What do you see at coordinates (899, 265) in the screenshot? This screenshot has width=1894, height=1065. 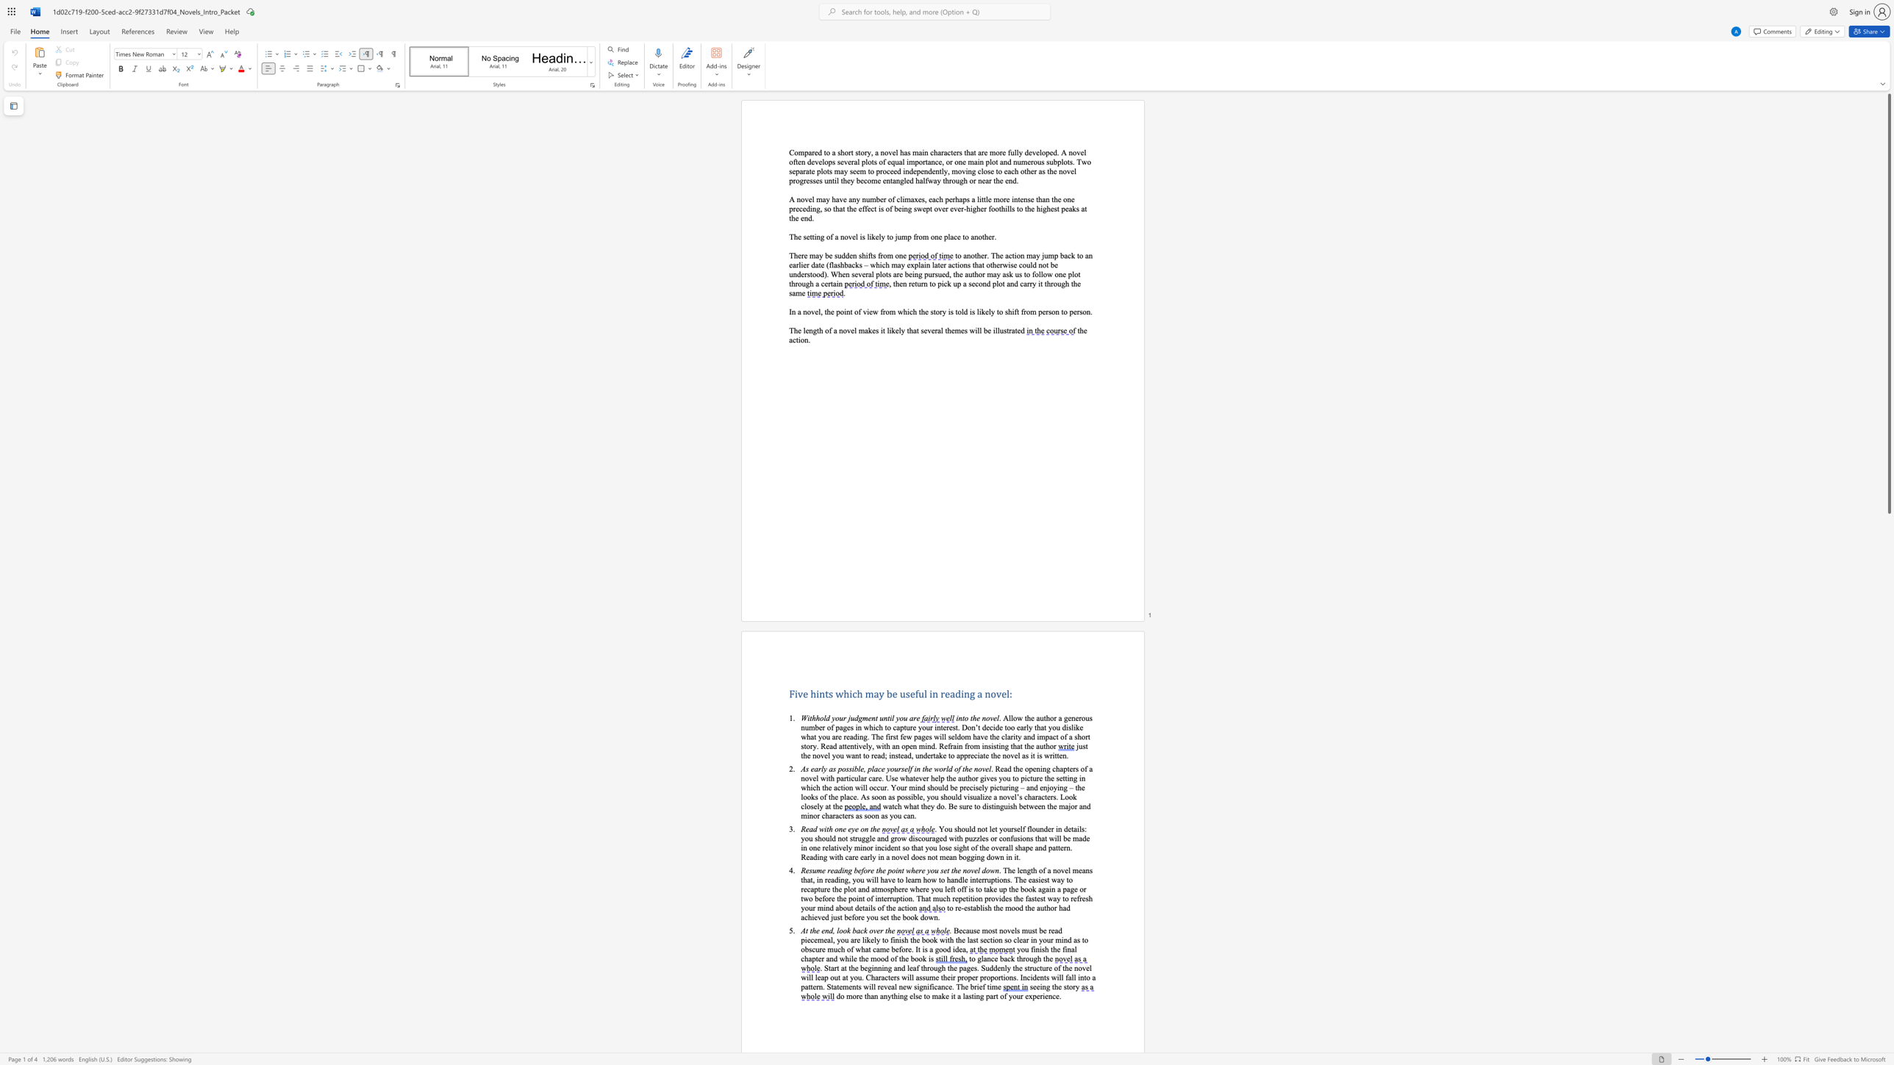 I see `the 10th character "a" in the text` at bounding box center [899, 265].